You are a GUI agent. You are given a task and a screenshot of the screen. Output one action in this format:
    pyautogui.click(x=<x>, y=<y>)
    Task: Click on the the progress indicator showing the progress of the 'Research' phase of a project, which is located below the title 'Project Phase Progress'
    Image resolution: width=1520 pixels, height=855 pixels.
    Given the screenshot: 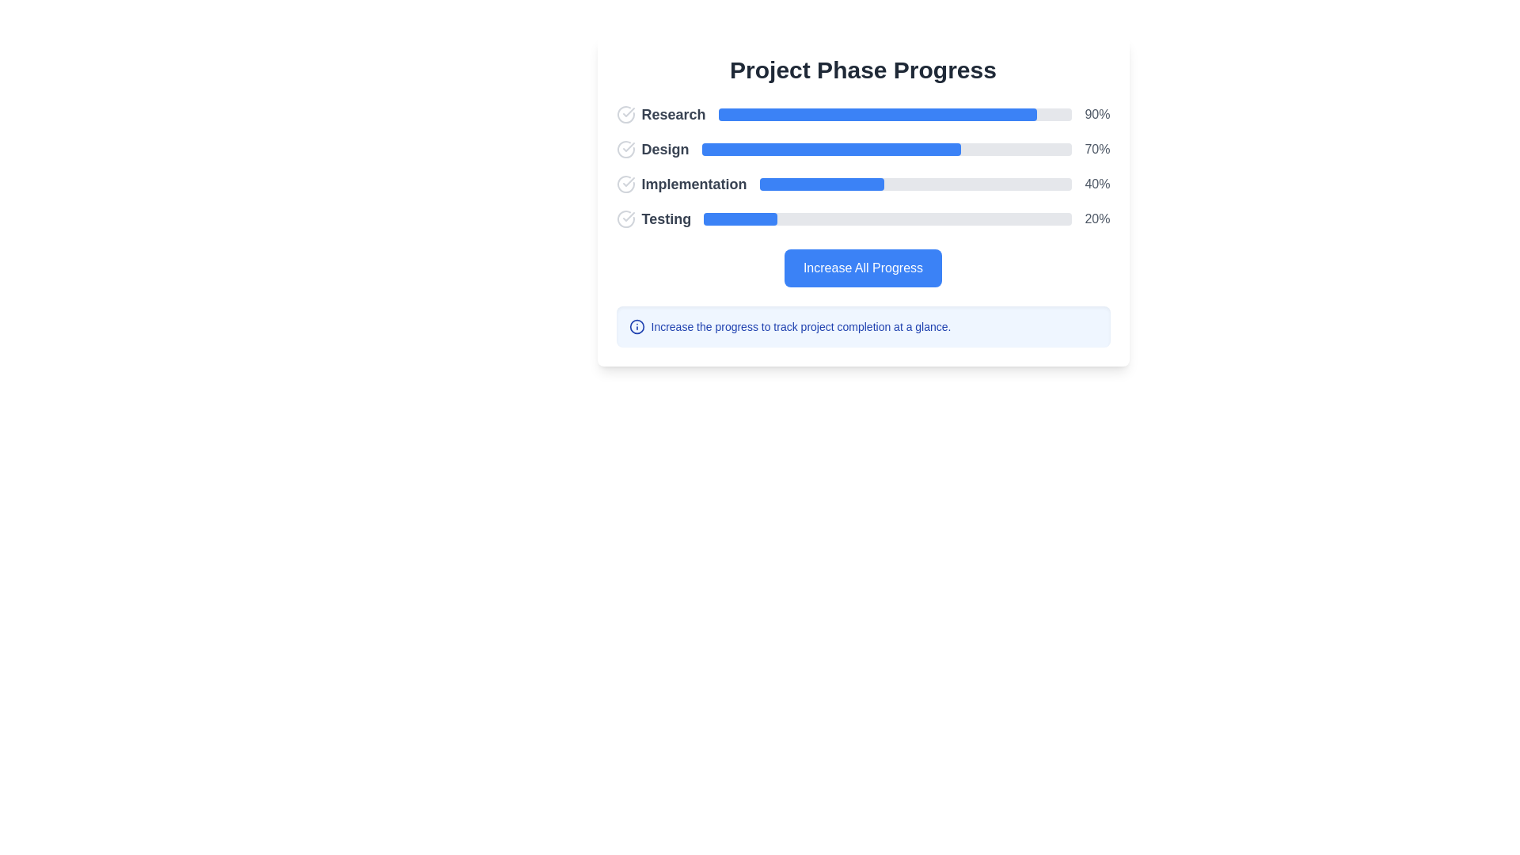 What is the action you would take?
    pyautogui.click(x=862, y=114)
    